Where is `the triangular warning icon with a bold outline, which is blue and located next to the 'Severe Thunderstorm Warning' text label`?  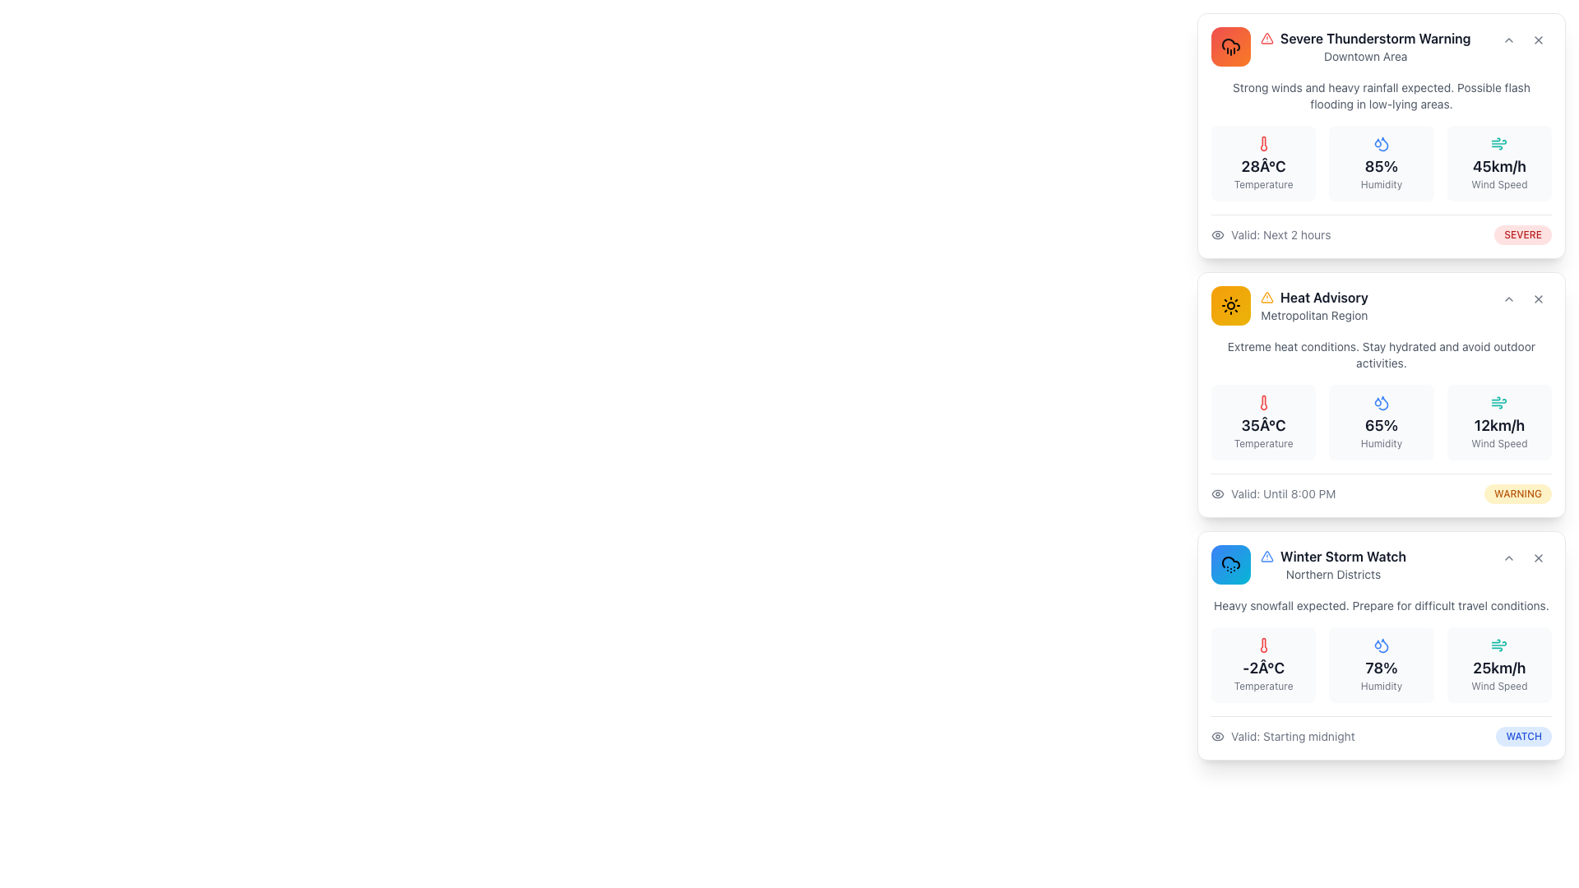
the triangular warning icon with a bold outline, which is blue and located next to the 'Severe Thunderstorm Warning' text label is located at coordinates (1266, 556).